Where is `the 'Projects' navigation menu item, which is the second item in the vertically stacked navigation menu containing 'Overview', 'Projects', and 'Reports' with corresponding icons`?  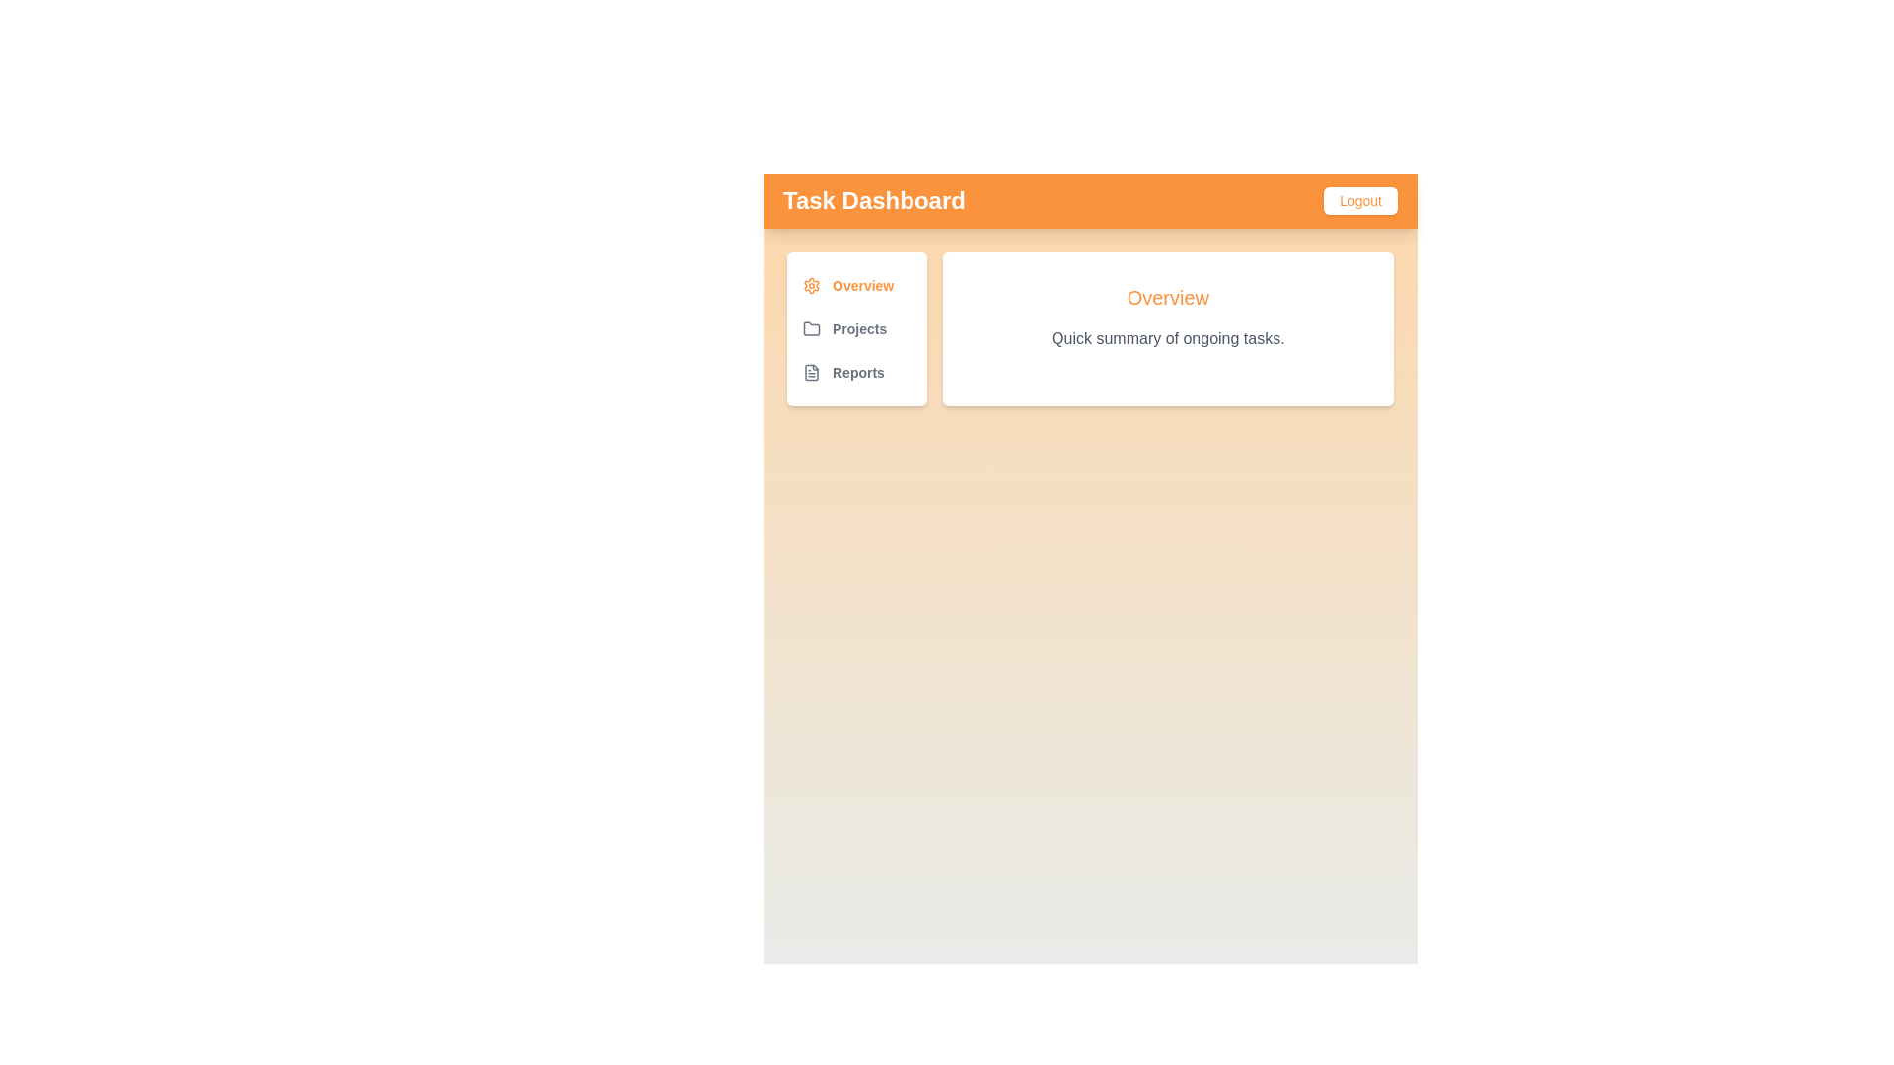 the 'Projects' navigation menu item, which is the second item in the vertically stacked navigation menu containing 'Overview', 'Projects', and 'Reports' with corresponding icons is located at coordinates (856, 328).